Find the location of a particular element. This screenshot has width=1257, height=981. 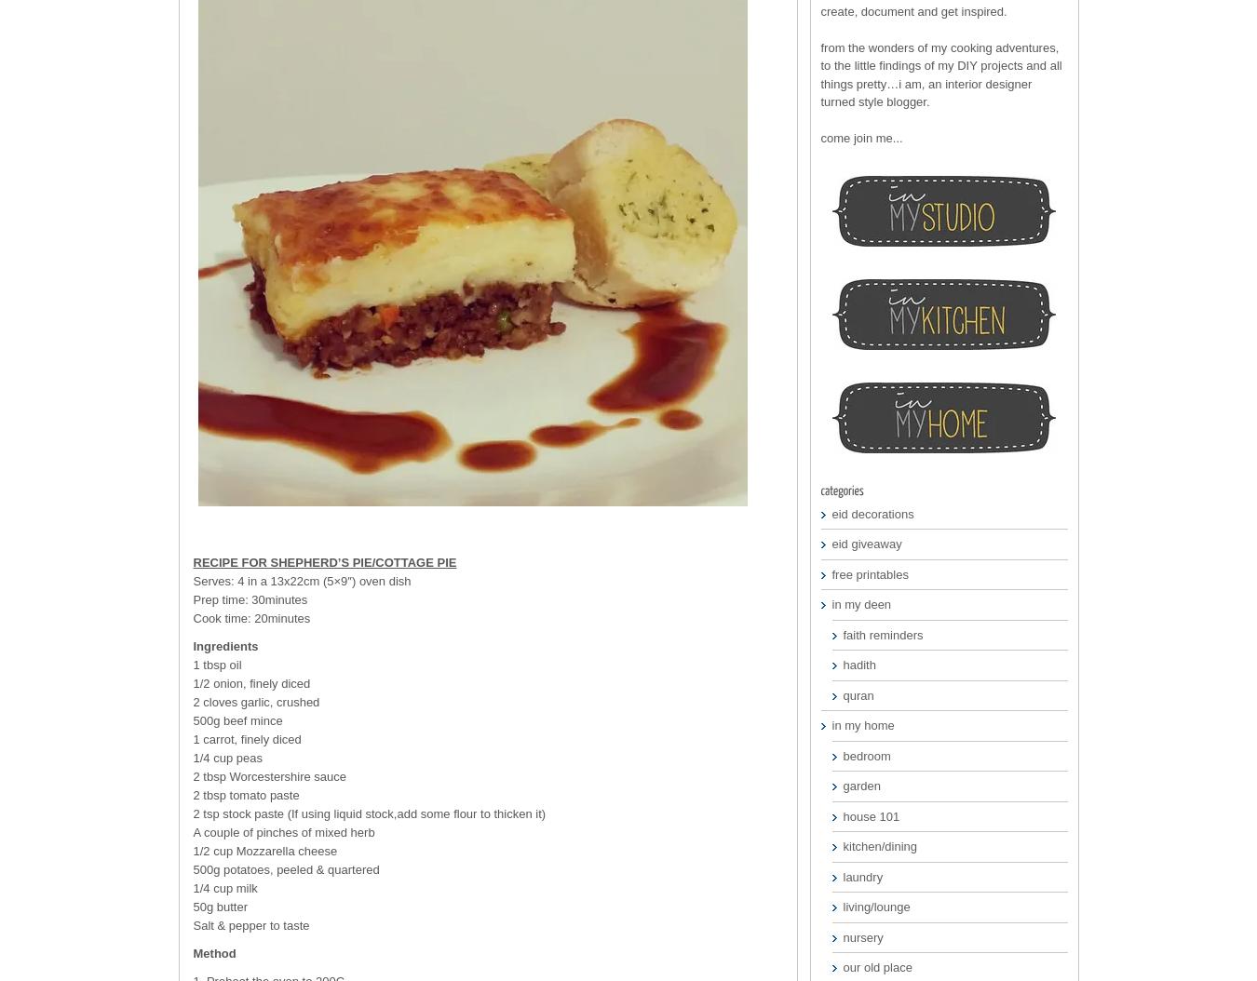

'house 101' is located at coordinates (870, 815).